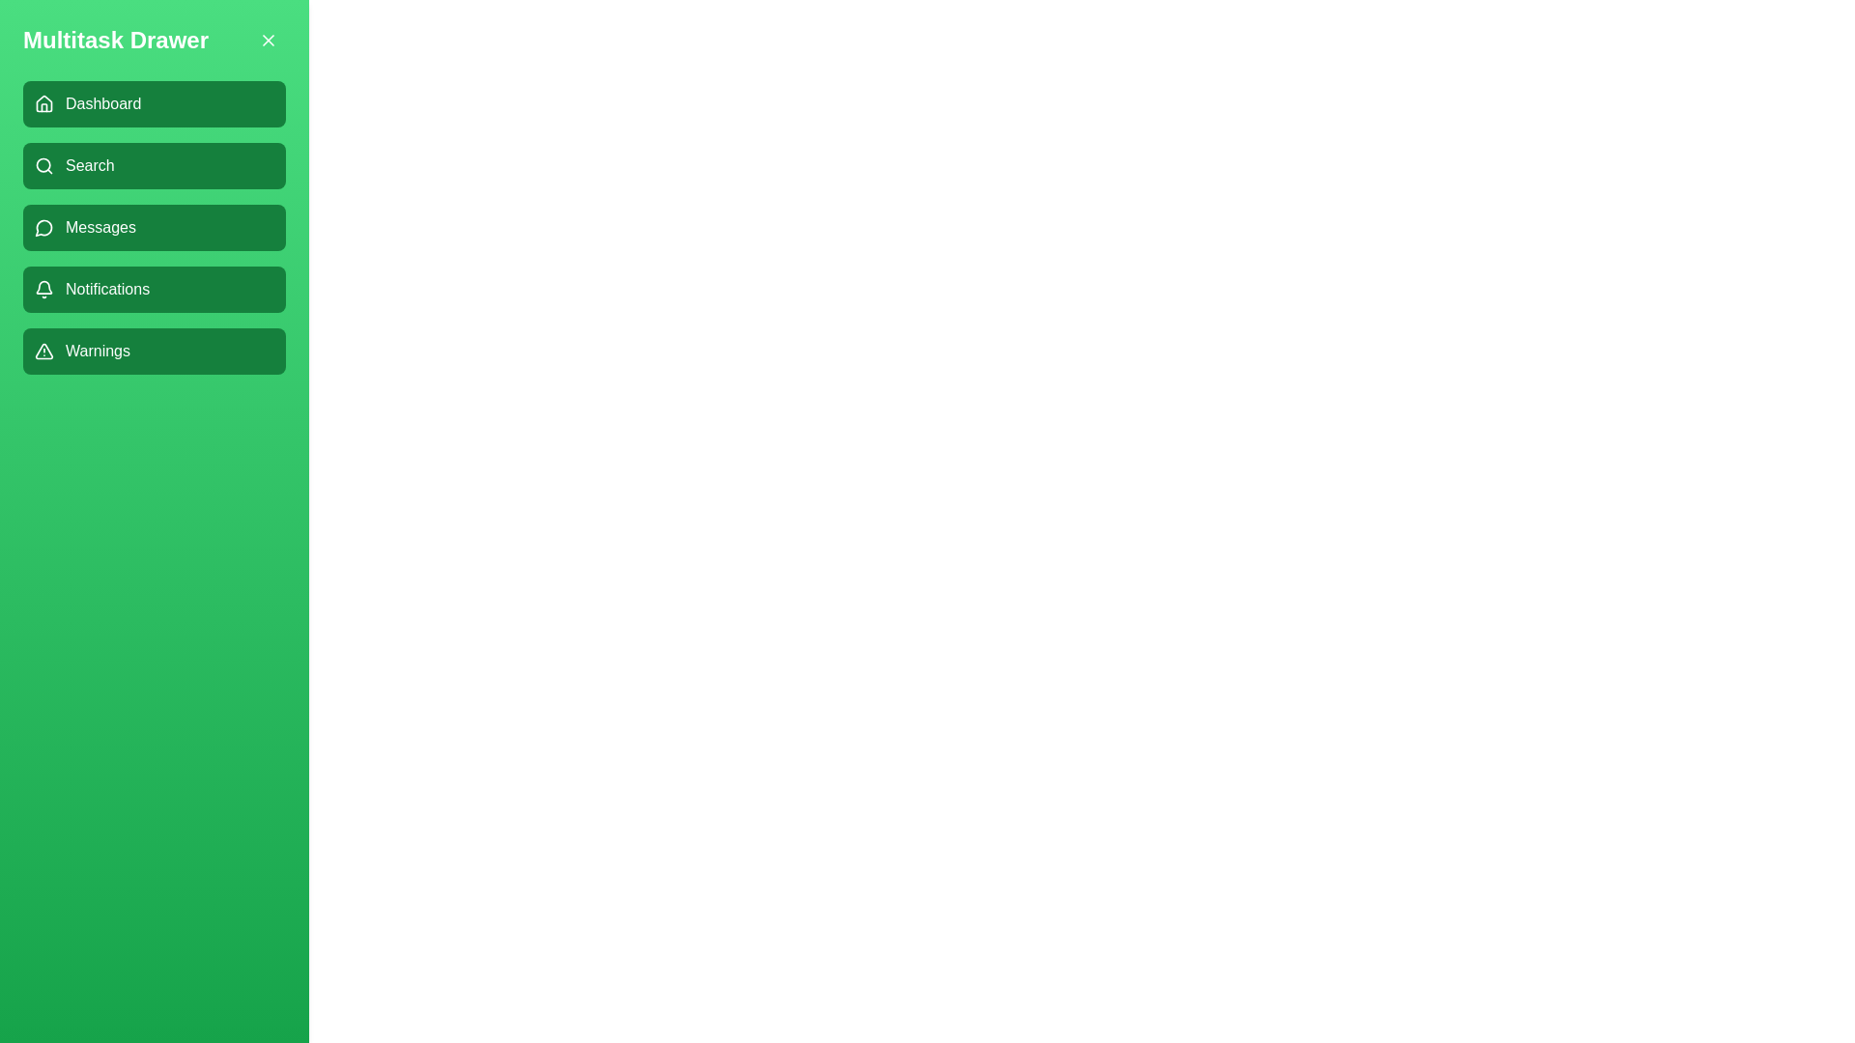  I want to click on the 'X' button in the header of the multitask drawer to close it, so click(268, 41).